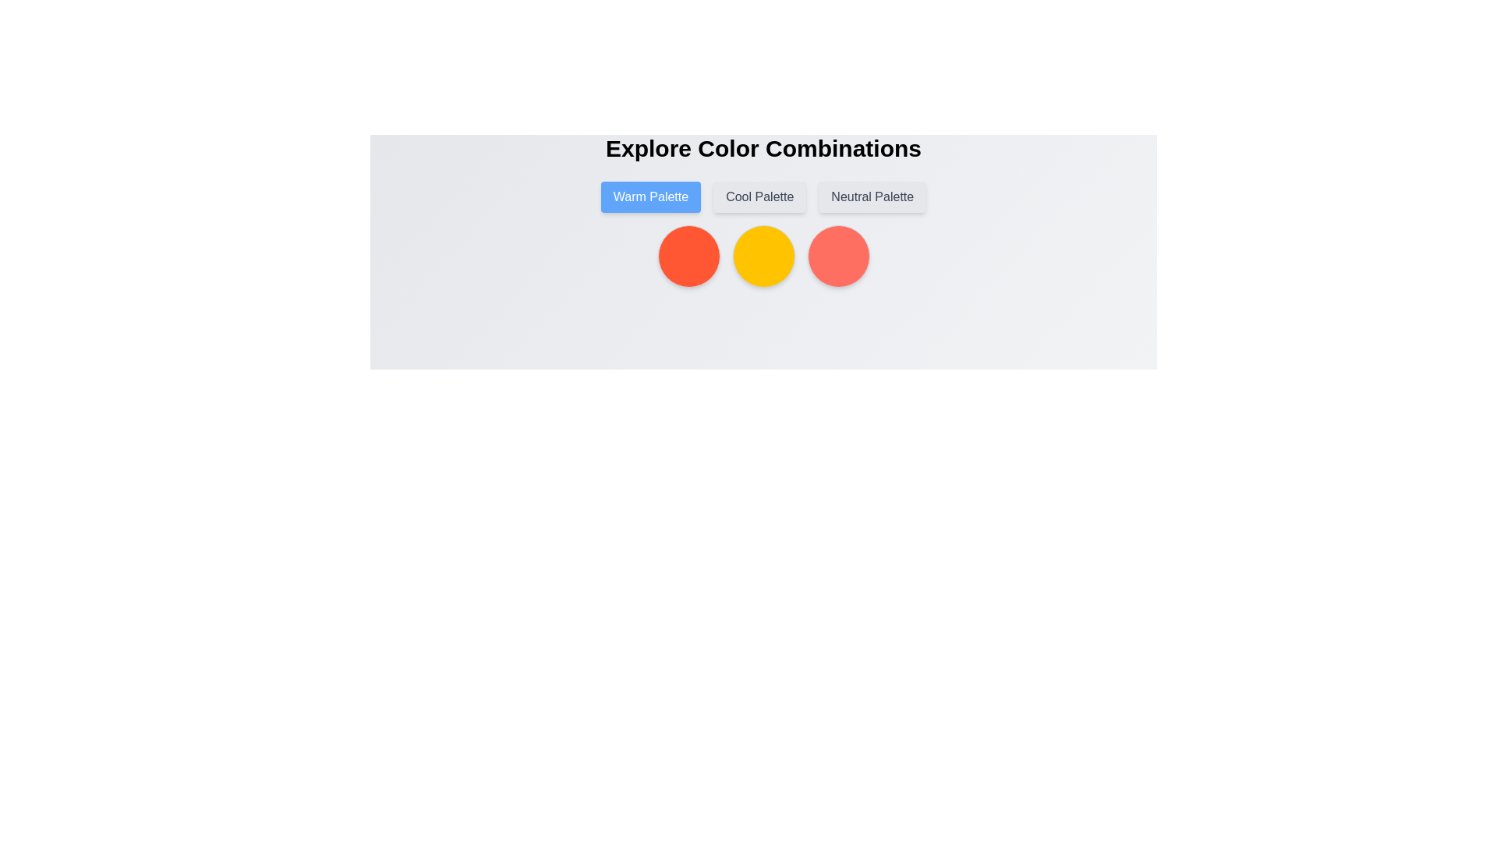 The image size is (1497, 842). What do you see at coordinates (763, 255) in the screenshot?
I see `the middle circle which serves as a color selection indicator in the horizontally arranged row of three circles` at bounding box center [763, 255].